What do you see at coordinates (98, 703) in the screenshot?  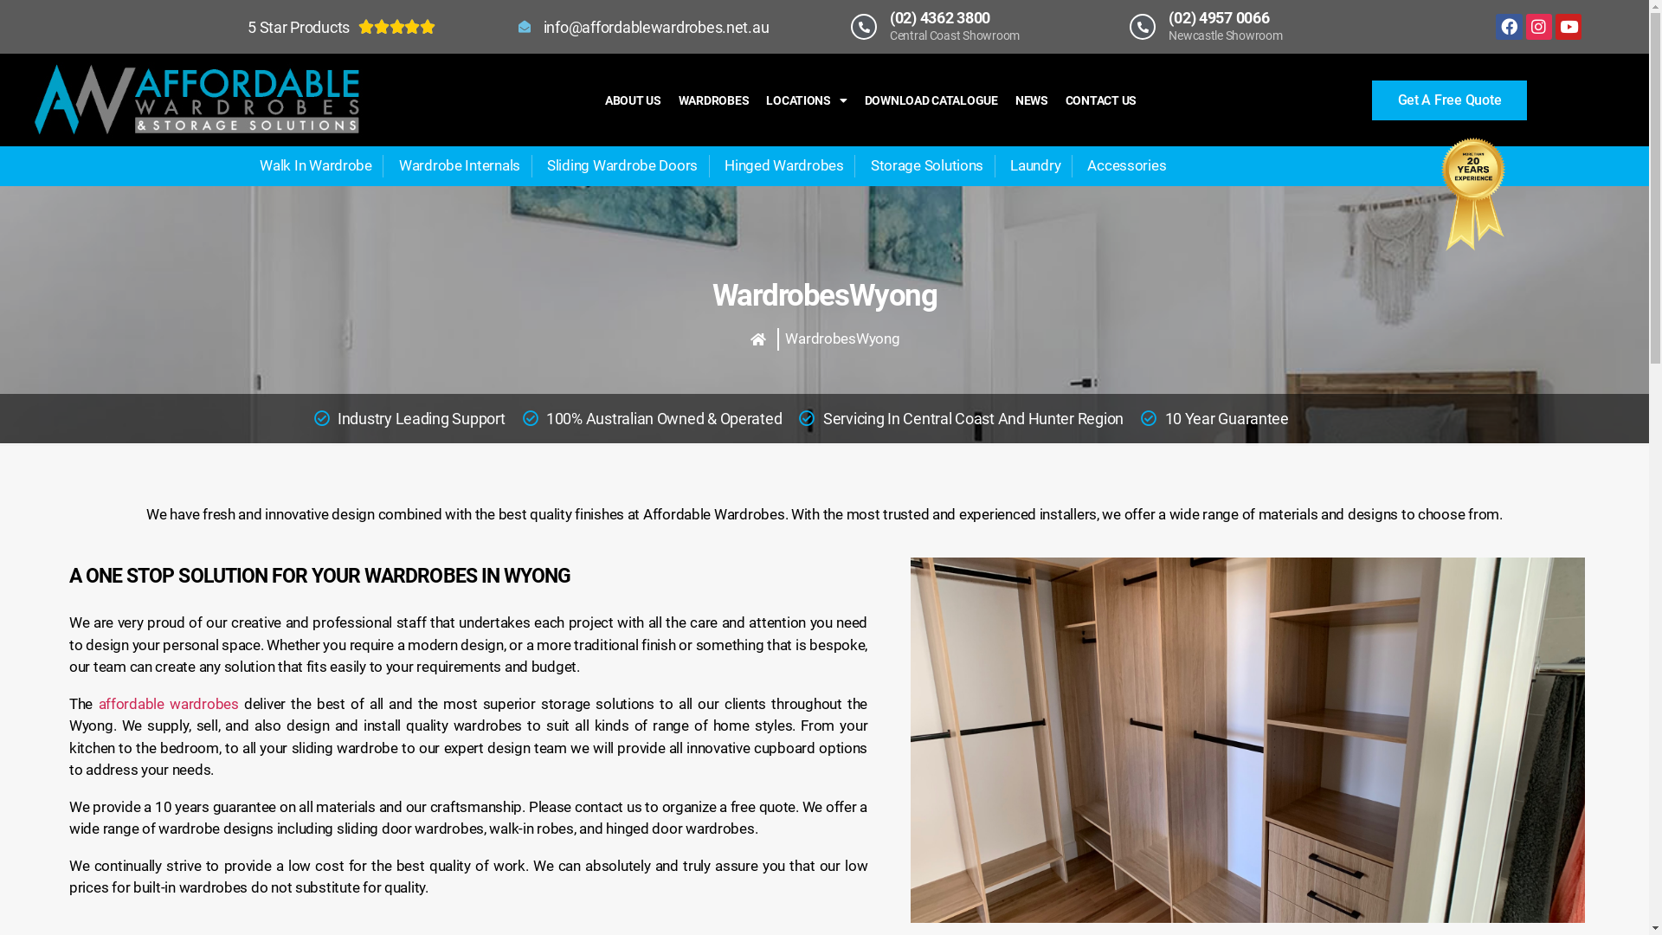 I see `'affordable wardrobes'` at bounding box center [98, 703].